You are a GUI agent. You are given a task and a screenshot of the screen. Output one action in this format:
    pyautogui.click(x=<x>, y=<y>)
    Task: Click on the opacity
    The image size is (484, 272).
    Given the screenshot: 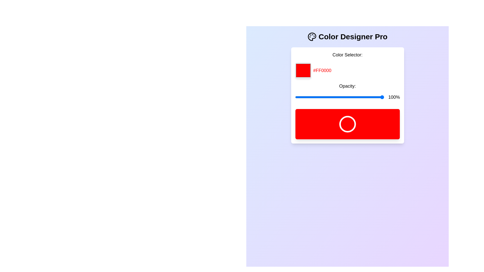 What is the action you would take?
    pyautogui.click(x=372, y=97)
    